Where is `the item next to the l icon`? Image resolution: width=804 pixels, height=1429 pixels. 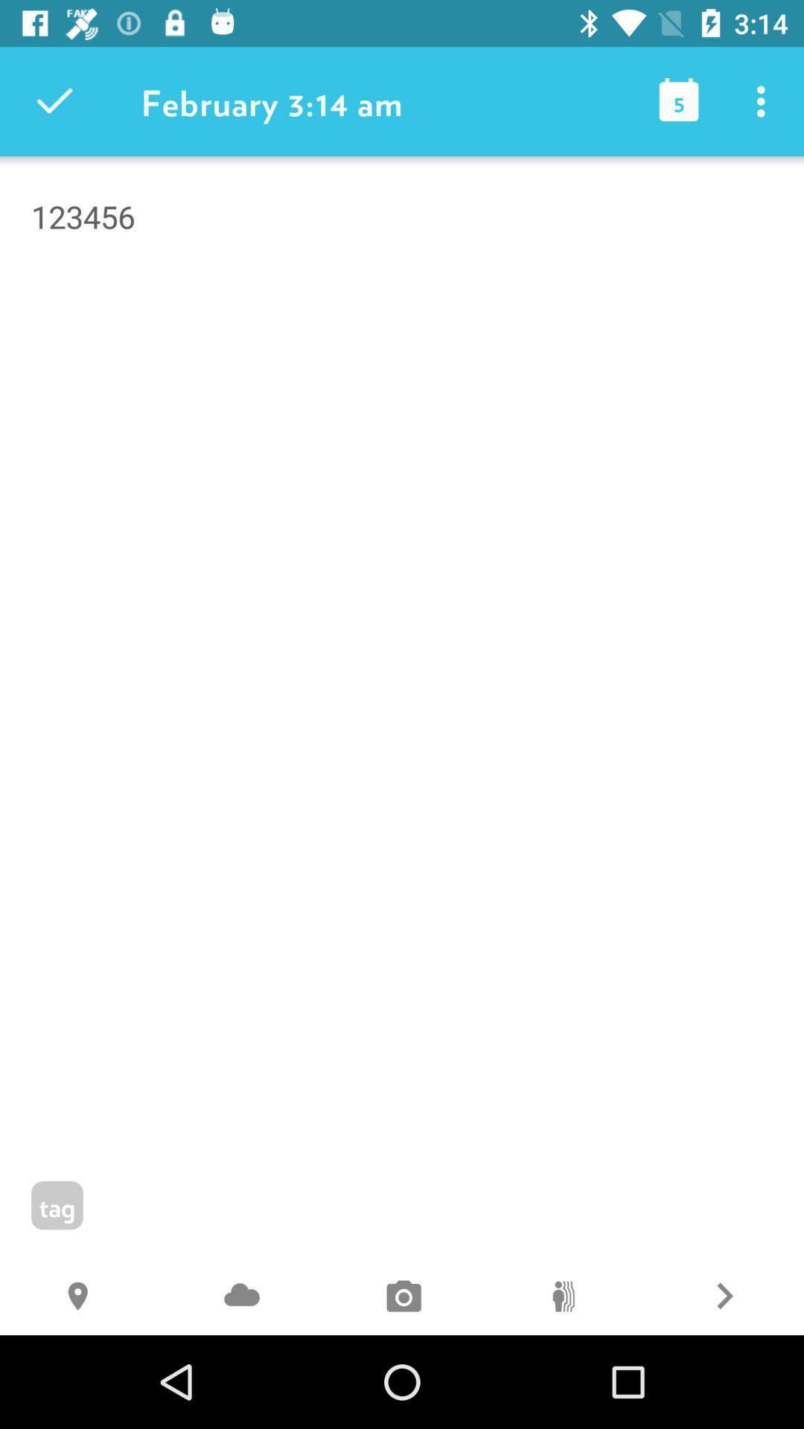
the item next to the l icon is located at coordinates (563, 1297).